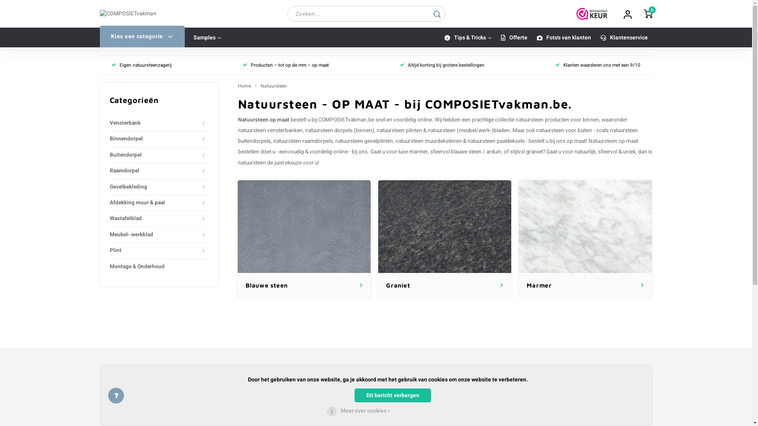  I want to click on 'natuursteen plinten', so click(399, 130).